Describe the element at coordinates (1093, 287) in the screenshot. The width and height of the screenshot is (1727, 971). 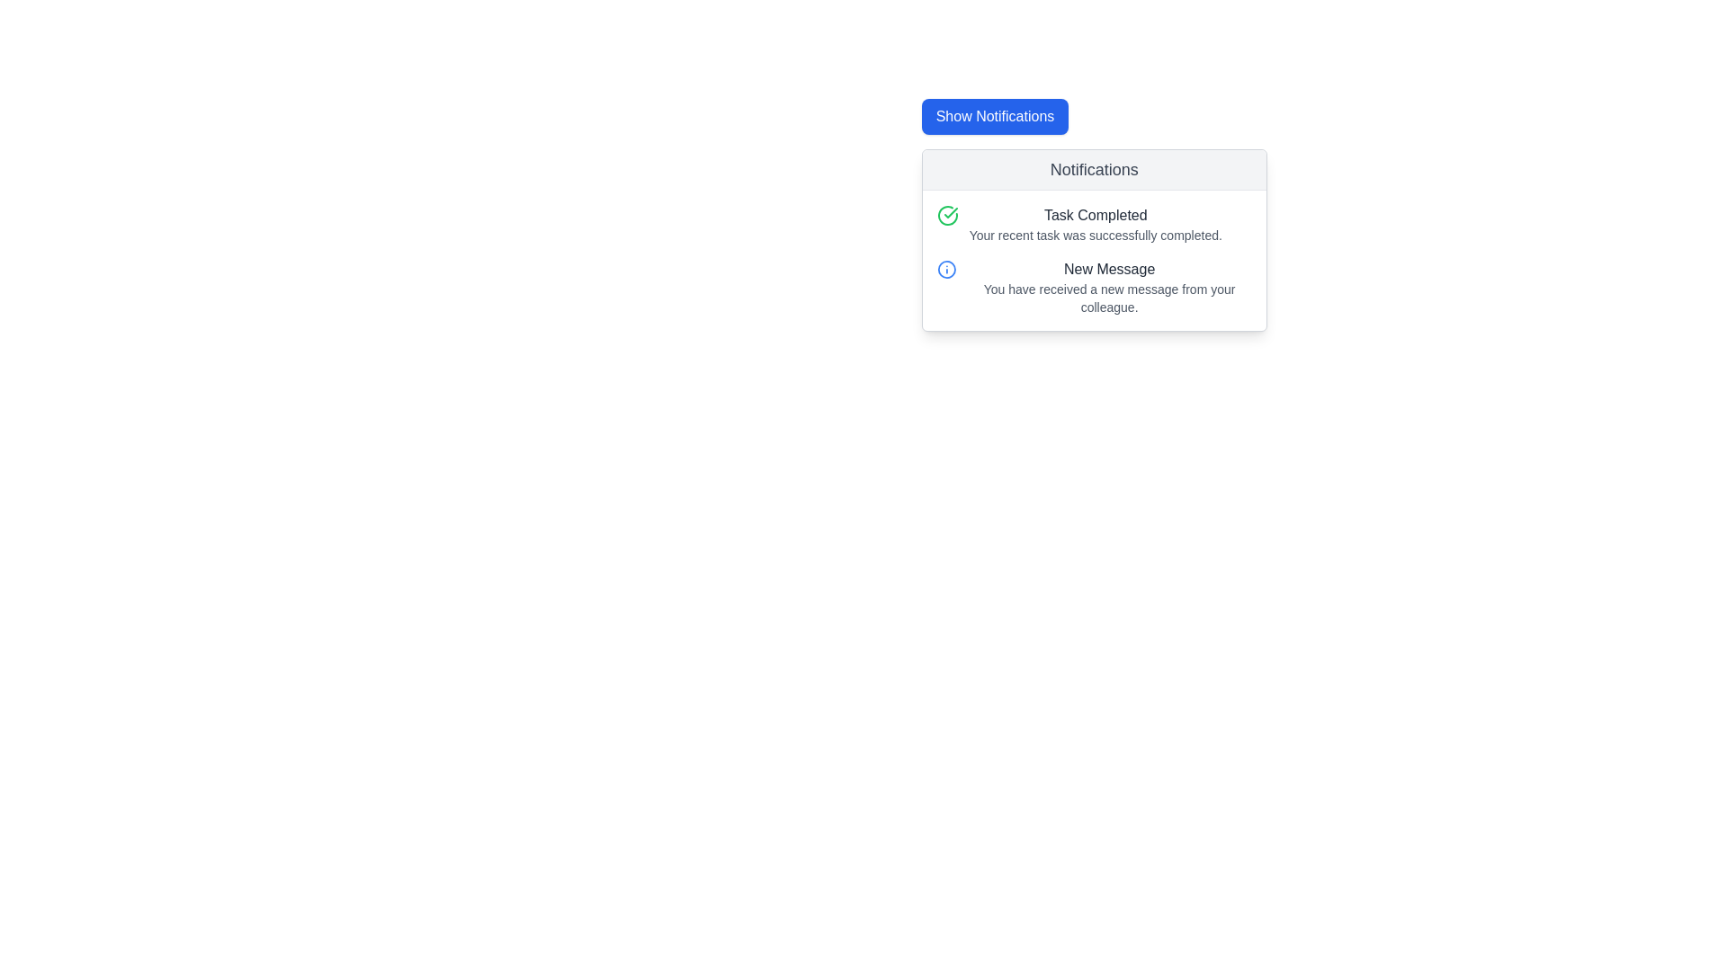
I see `the Notification card that indicates a new message received, located at the bottom row of the notification list` at that location.